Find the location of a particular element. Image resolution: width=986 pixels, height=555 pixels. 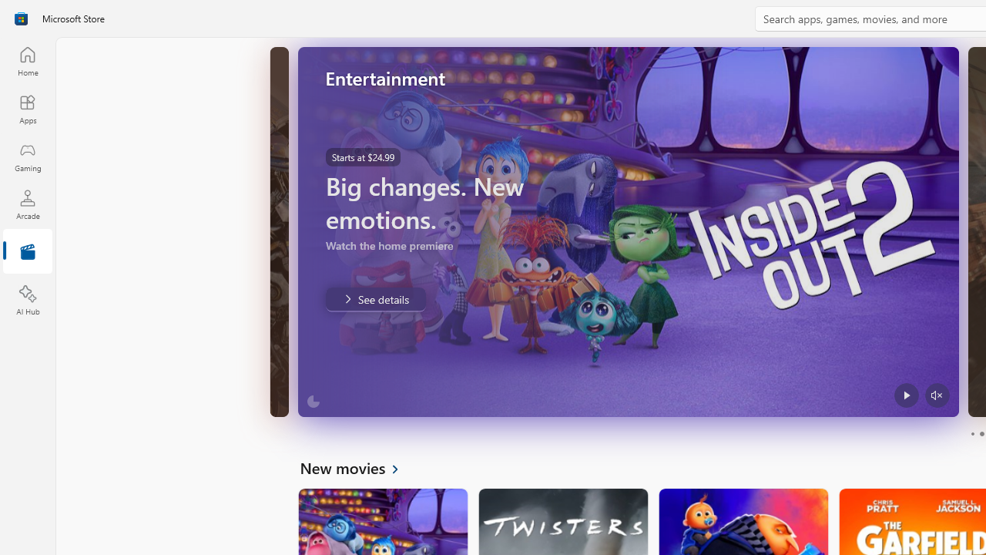

'Unmute' is located at coordinates (936, 395).